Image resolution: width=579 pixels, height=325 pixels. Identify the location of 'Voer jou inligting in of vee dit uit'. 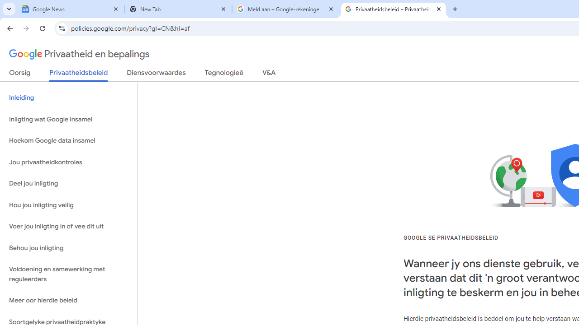
(68, 226).